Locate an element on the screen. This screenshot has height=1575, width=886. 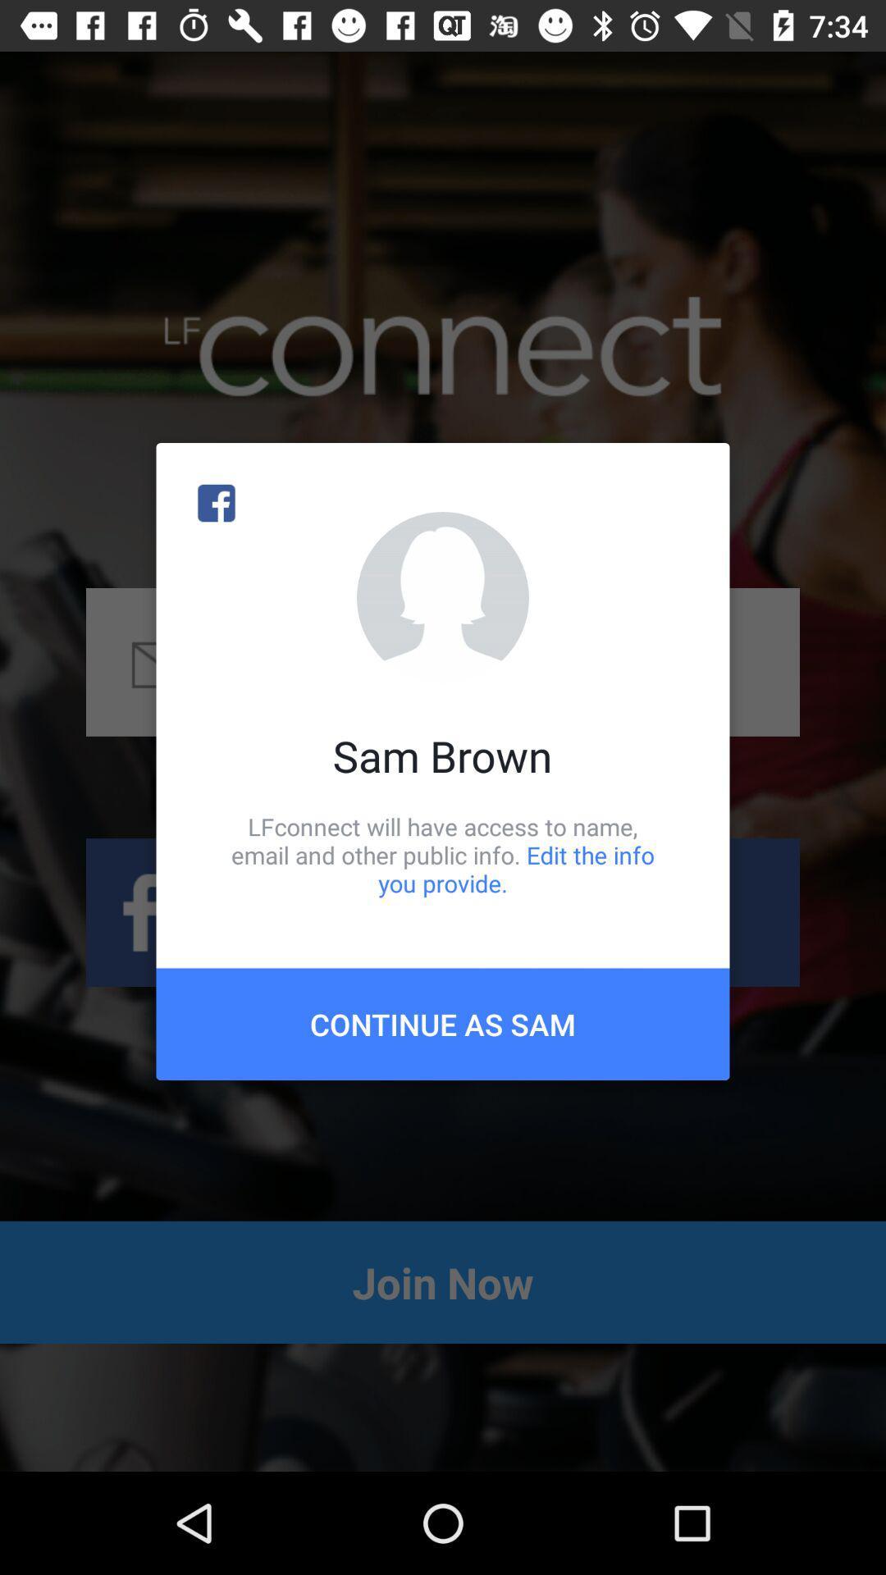
lfconnect will have is located at coordinates (443, 854).